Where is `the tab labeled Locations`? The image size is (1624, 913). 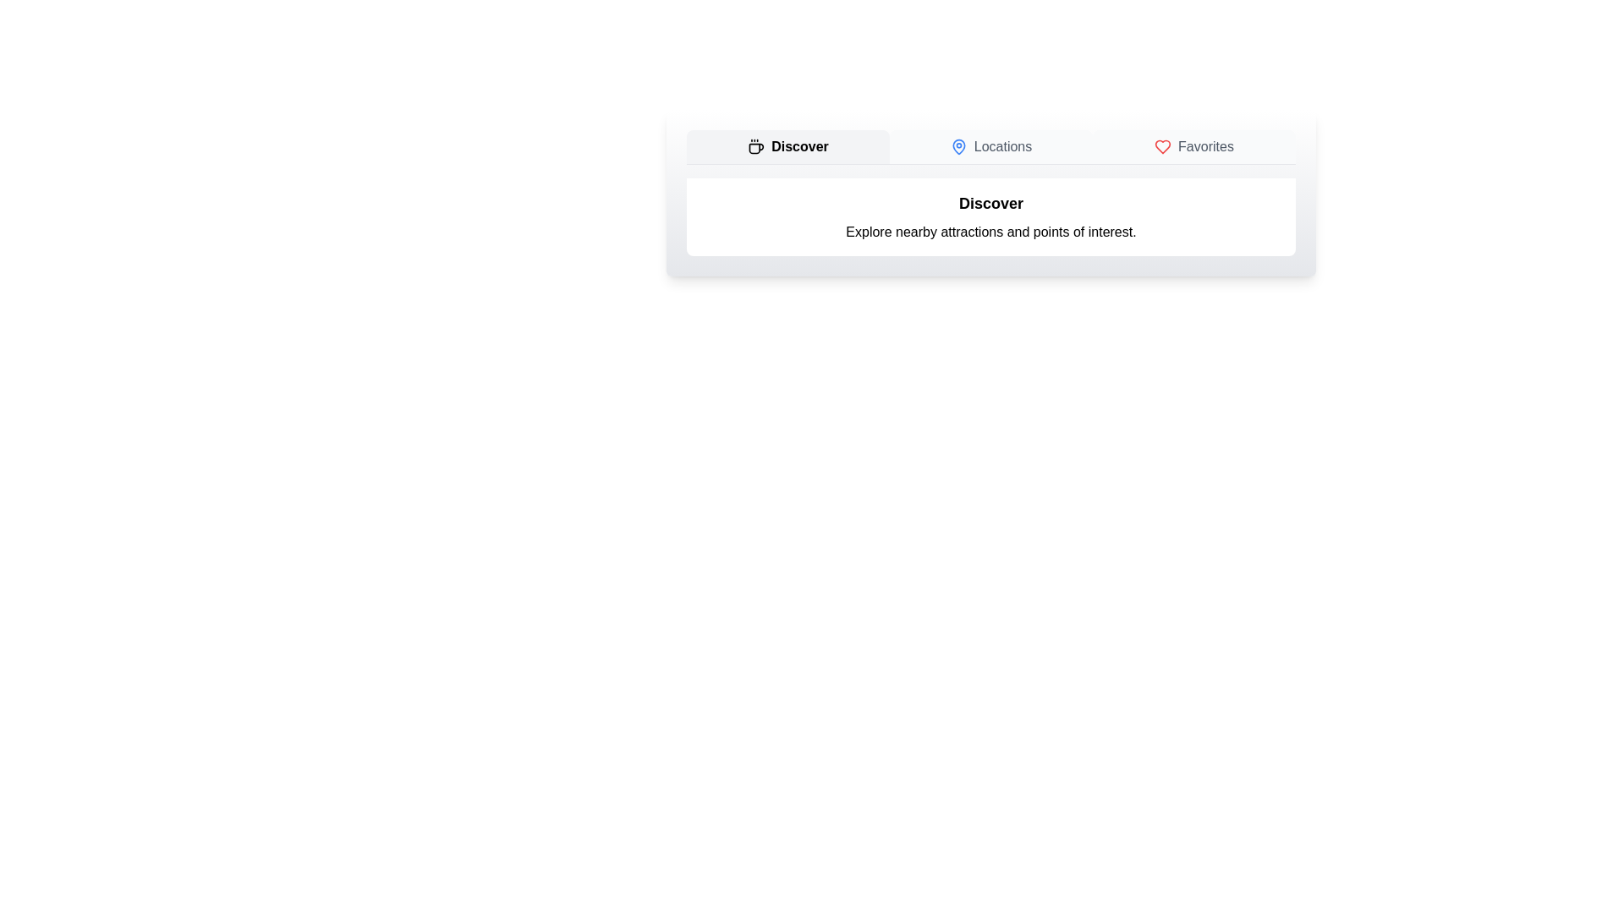
the tab labeled Locations is located at coordinates (990, 145).